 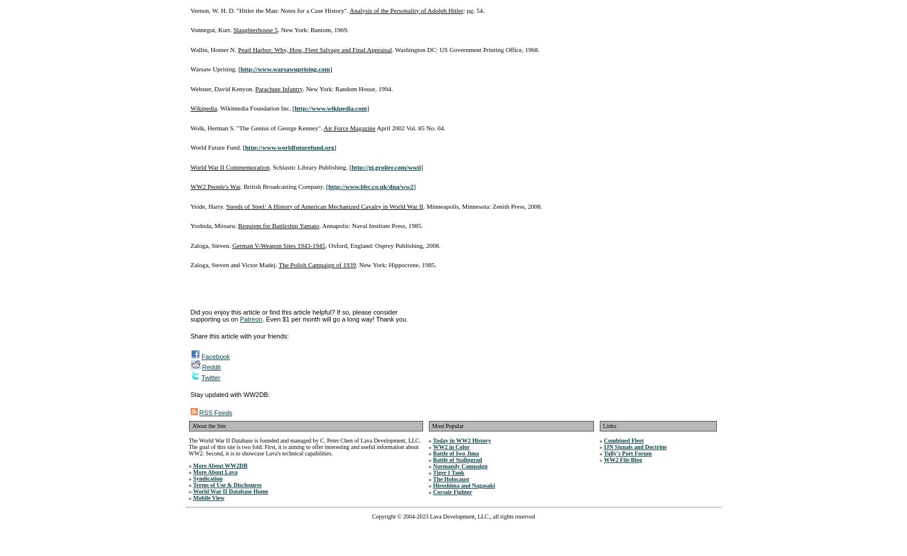 I want to click on 'The Holocaust', so click(x=451, y=478).